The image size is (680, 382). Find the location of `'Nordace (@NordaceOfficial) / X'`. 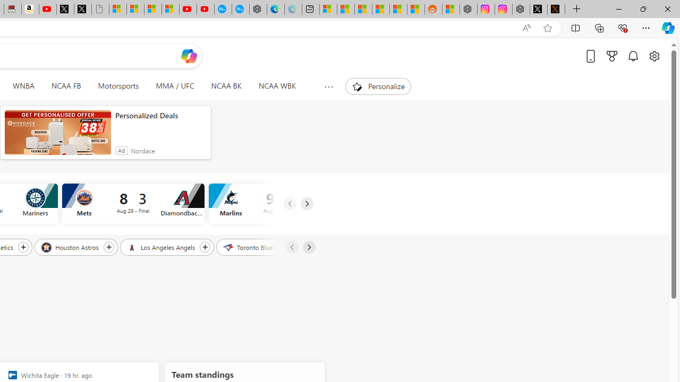

'Nordace (@NordaceOfficial) / X' is located at coordinates (539, 9).